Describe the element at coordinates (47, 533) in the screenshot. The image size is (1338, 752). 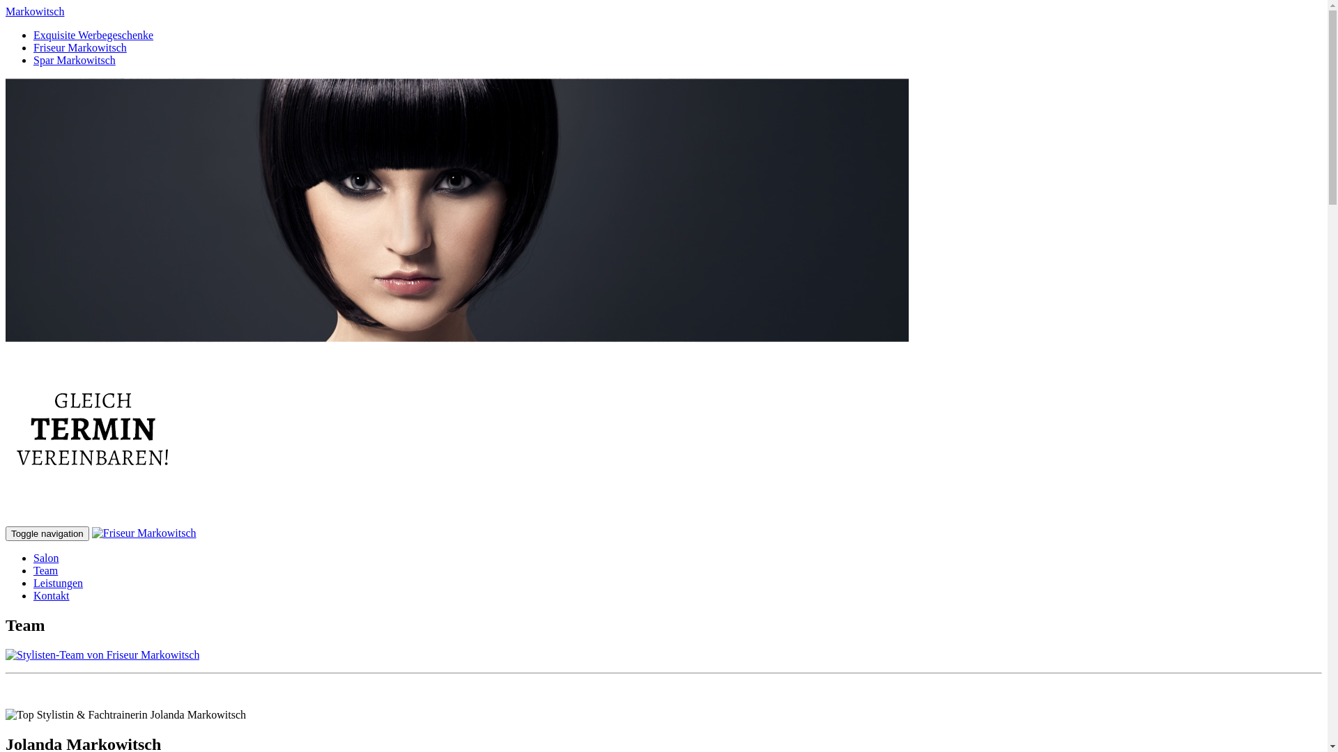
I see `'Toggle navigation'` at that location.